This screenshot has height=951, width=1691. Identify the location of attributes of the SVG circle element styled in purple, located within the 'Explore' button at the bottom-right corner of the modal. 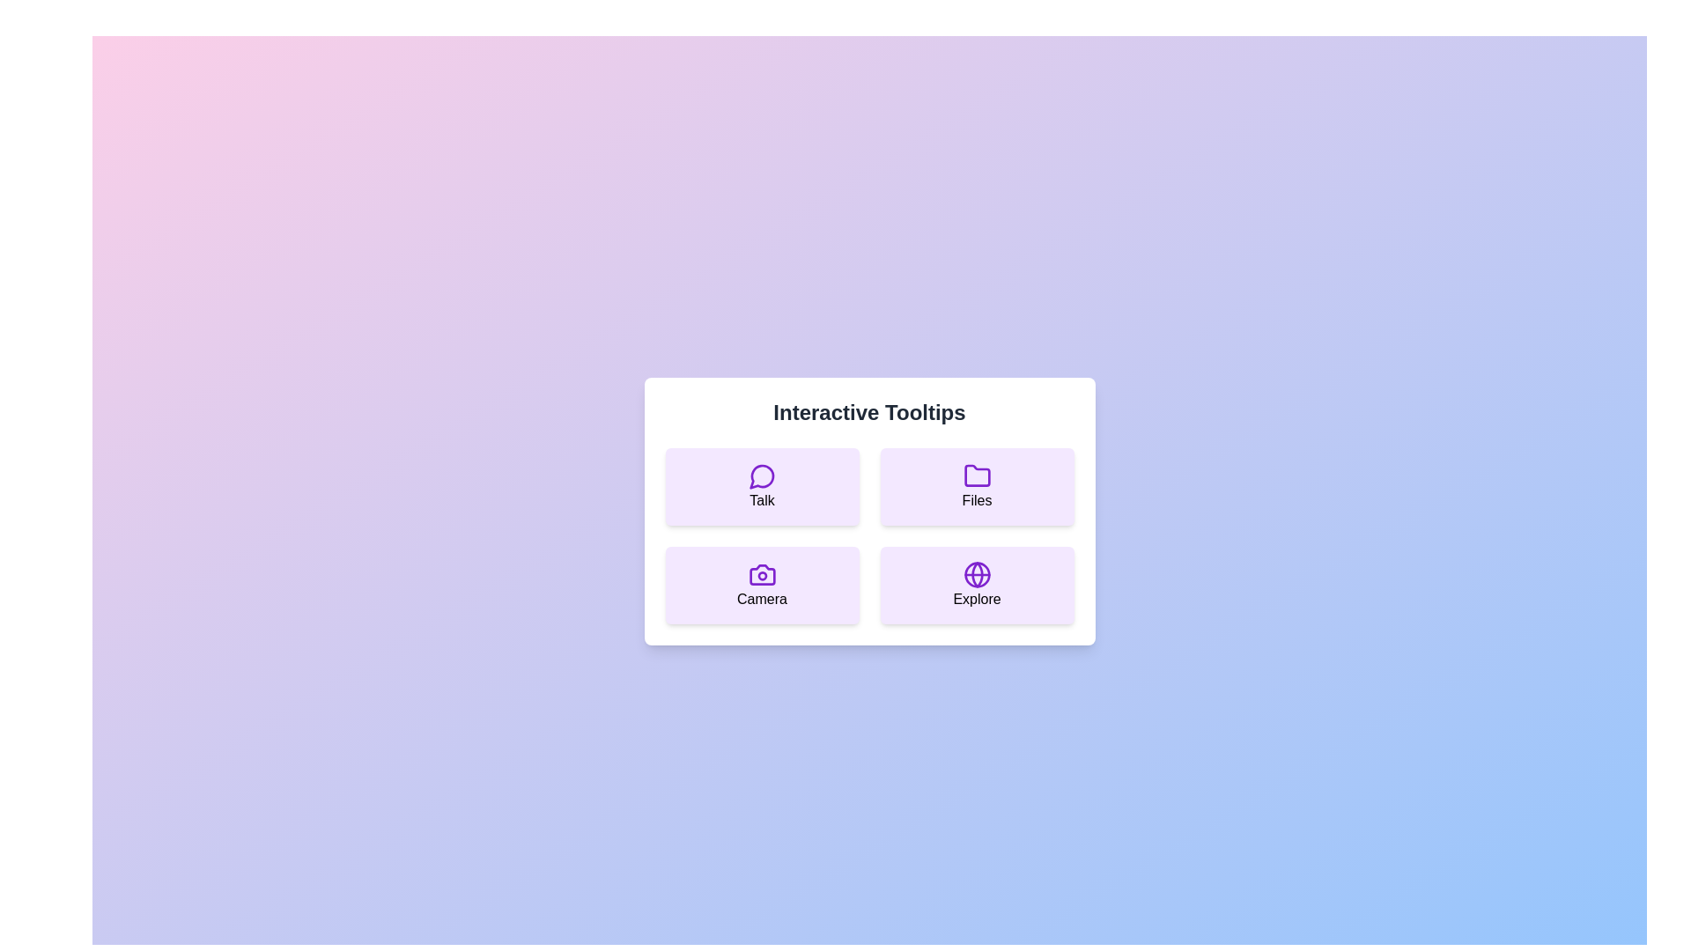
(976, 574).